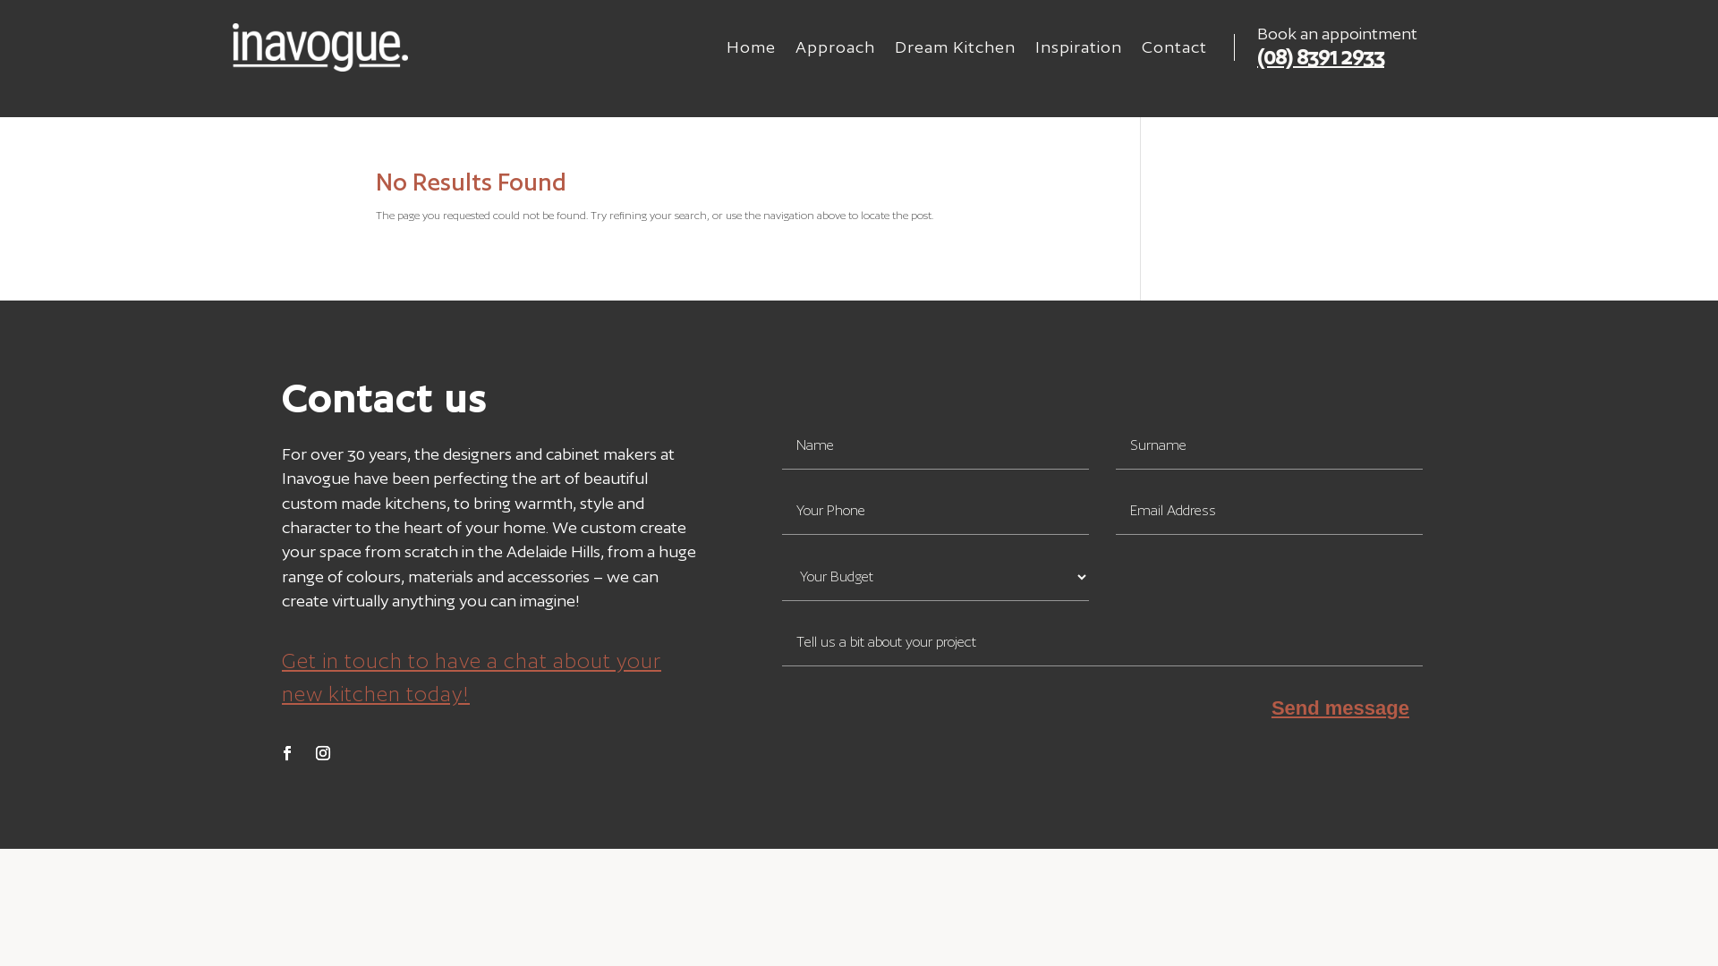 The height and width of the screenshot is (966, 1718). What do you see at coordinates (1077, 50) in the screenshot?
I see `'Inspiration'` at bounding box center [1077, 50].